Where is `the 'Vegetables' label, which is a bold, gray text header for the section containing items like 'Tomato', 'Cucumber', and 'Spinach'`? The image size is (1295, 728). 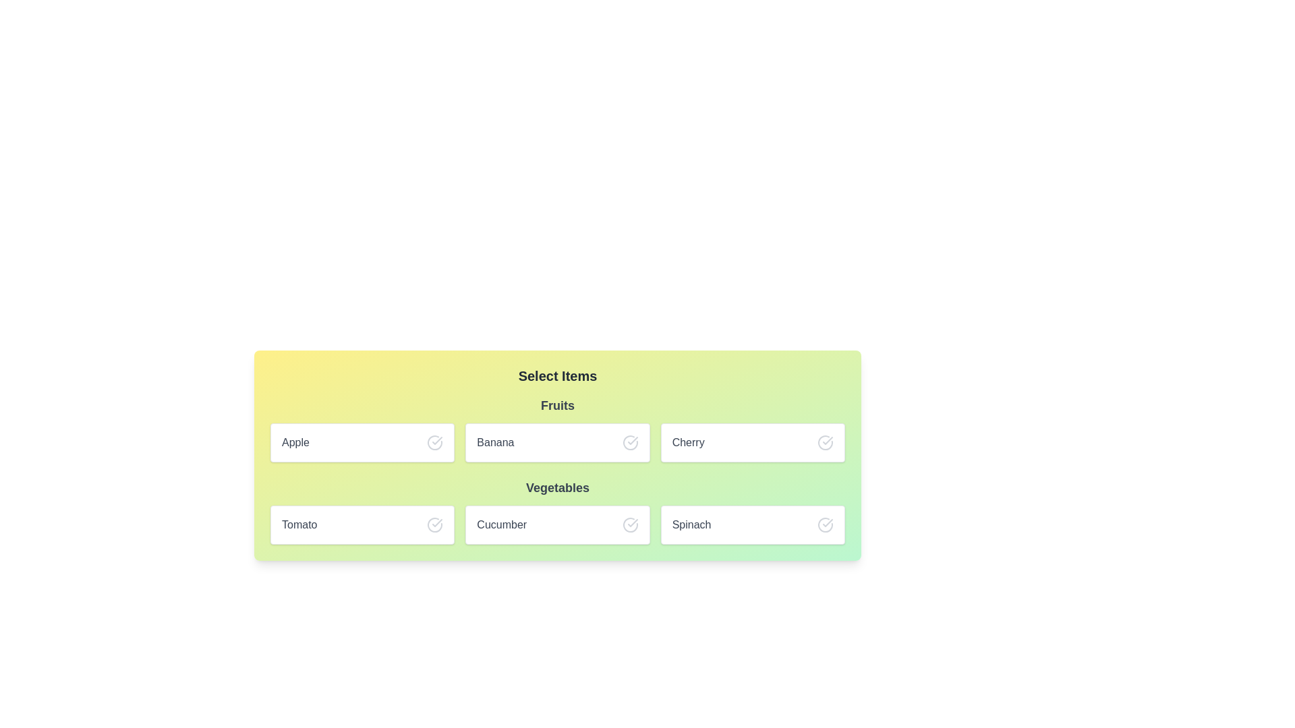
the 'Vegetables' label, which is a bold, gray text header for the section containing items like 'Tomato', 'Cucumber', and 'Spinach' is located at coordinates (557, 488).